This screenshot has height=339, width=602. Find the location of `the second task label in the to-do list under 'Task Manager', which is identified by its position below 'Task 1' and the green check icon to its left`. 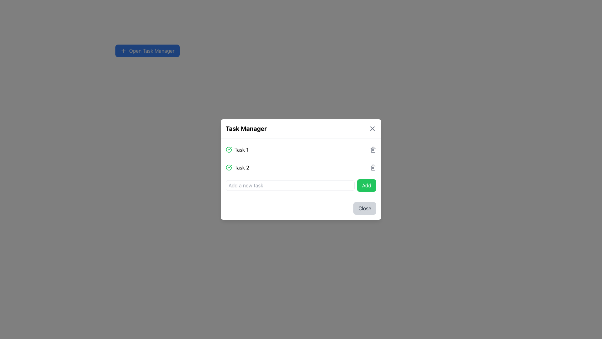

the second task label in the to-do list under 'Task Manager', which is identified by its position below 'Task 1' and the green check icon to its left is located at coordinates (241, 167).